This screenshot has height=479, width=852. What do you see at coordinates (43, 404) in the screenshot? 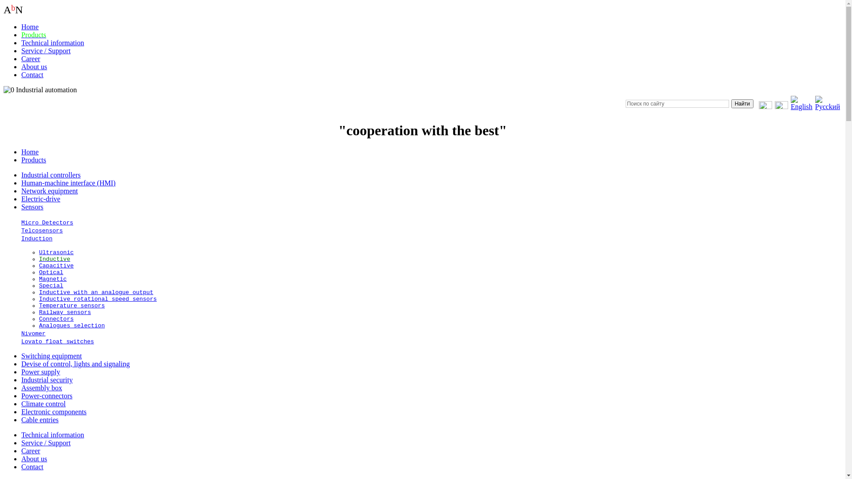
I see `'Climate control'` at bounding box center [43, 404].